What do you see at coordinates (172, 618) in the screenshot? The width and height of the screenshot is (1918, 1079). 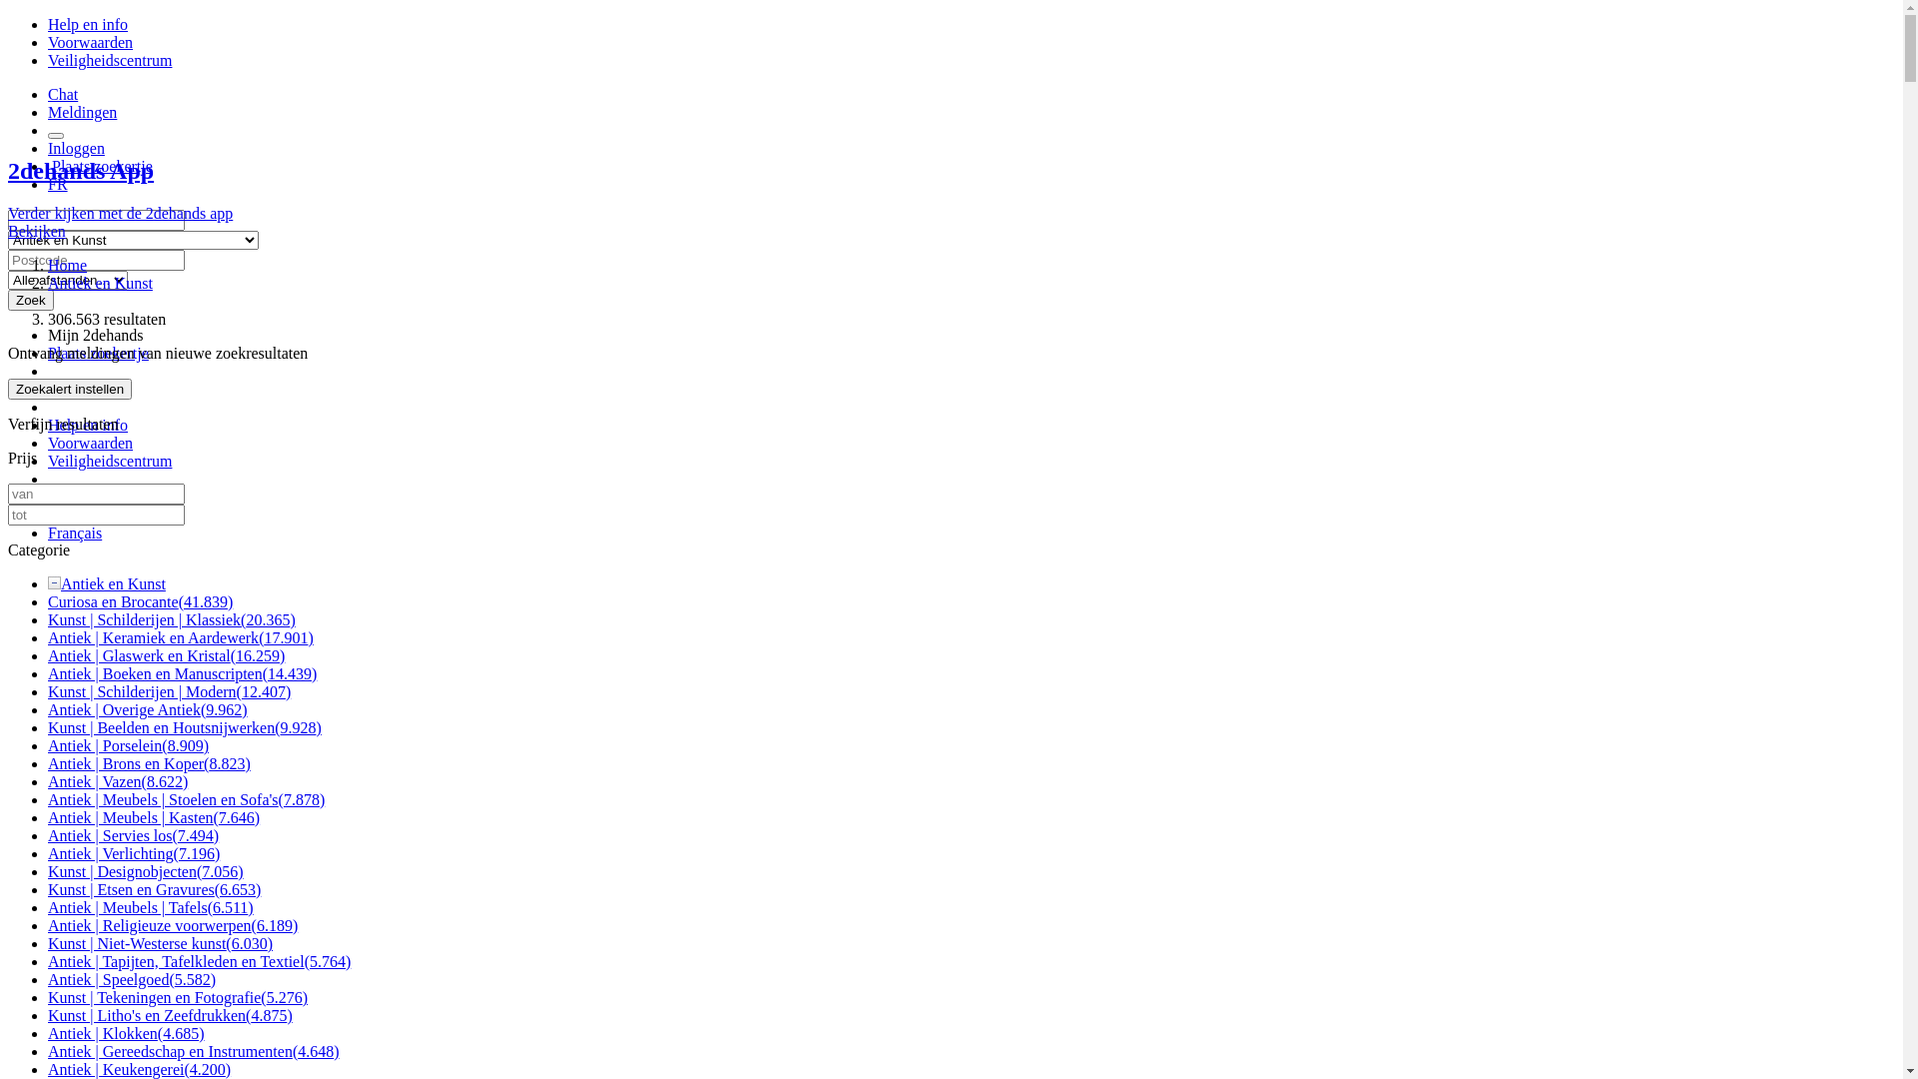 I see `'Kunst | Schilderijen | Klassiek(20.365)'` at bounding box center [172, 618].